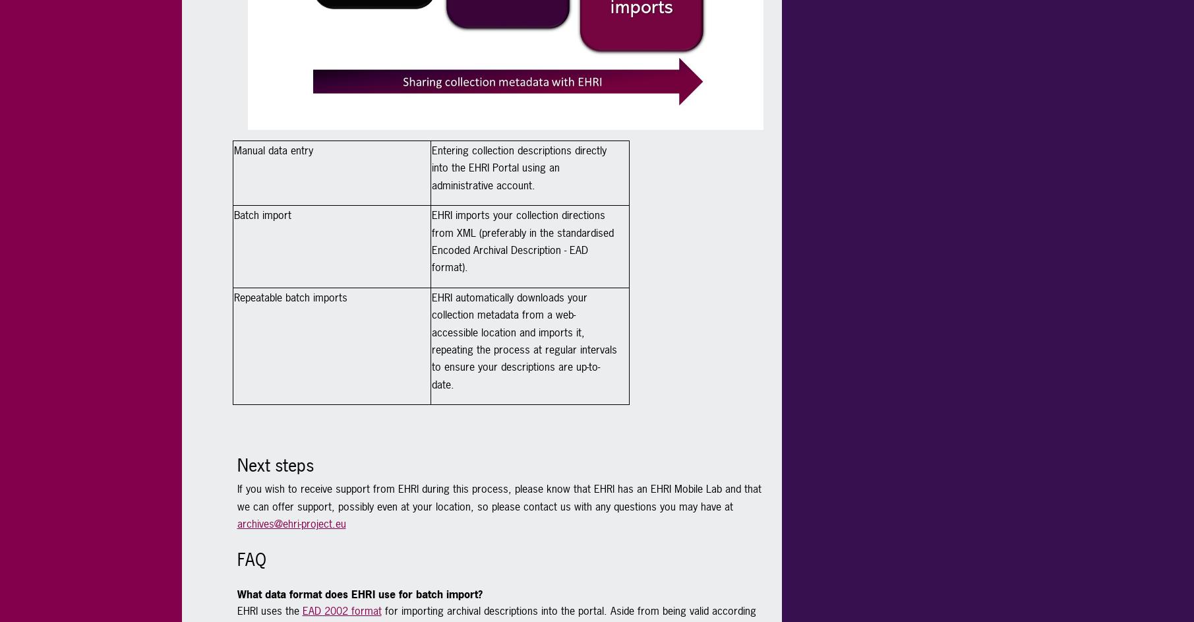 The height and width of the screenshot is (622, 1194). I want to click on 'Batch import', so click(261, 214).